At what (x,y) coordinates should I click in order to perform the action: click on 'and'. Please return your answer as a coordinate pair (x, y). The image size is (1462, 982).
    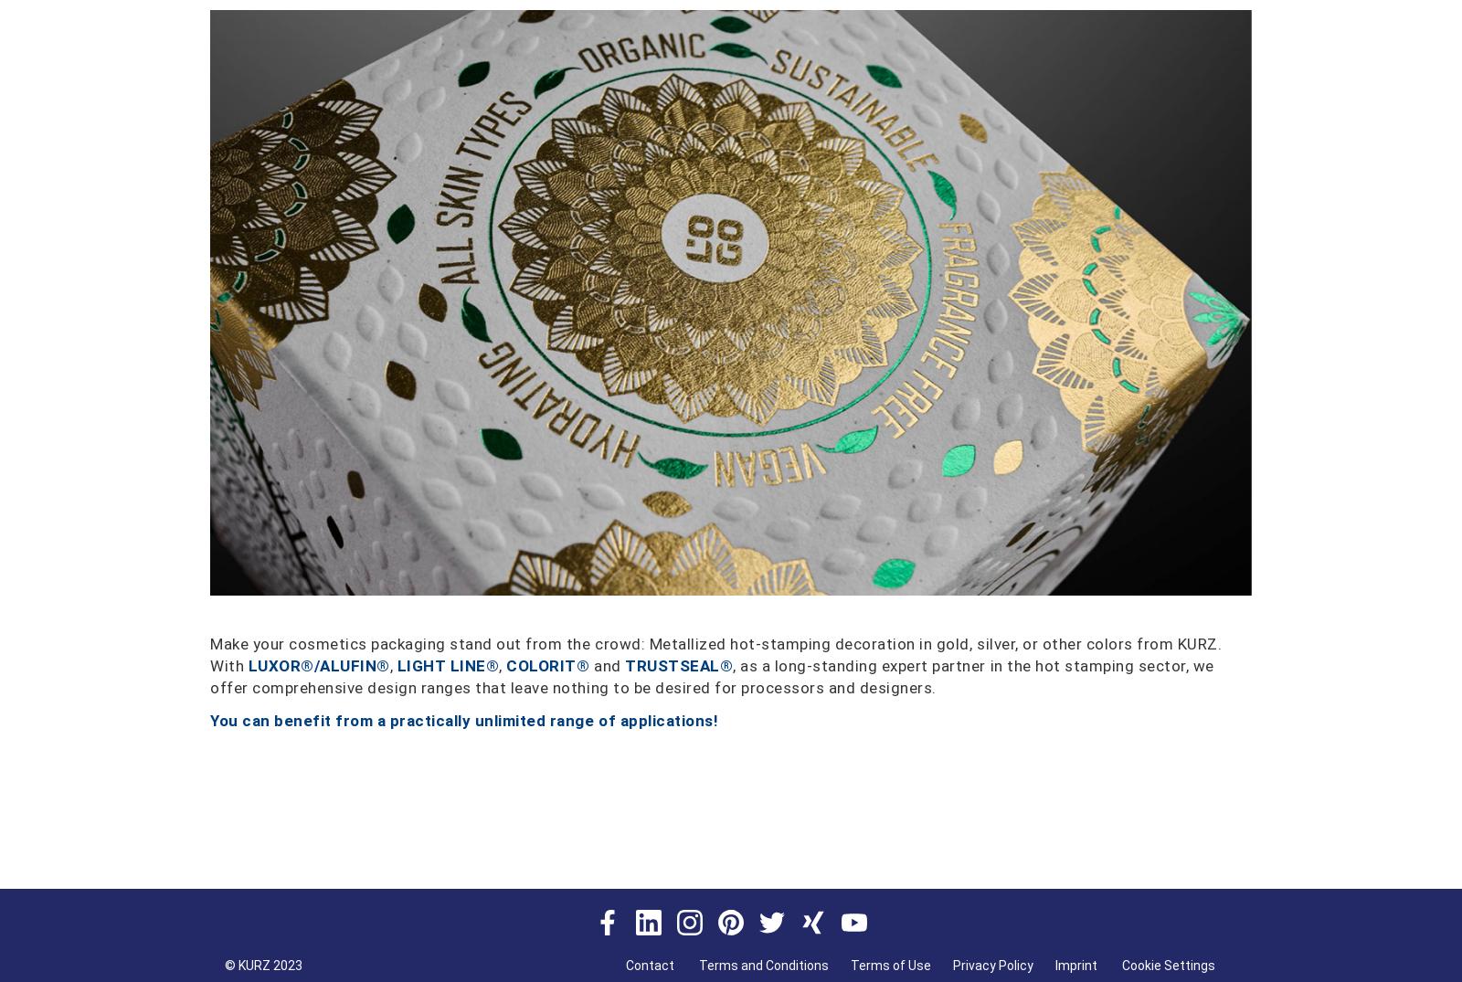
    Looking at the image, I should click on (607, 663).